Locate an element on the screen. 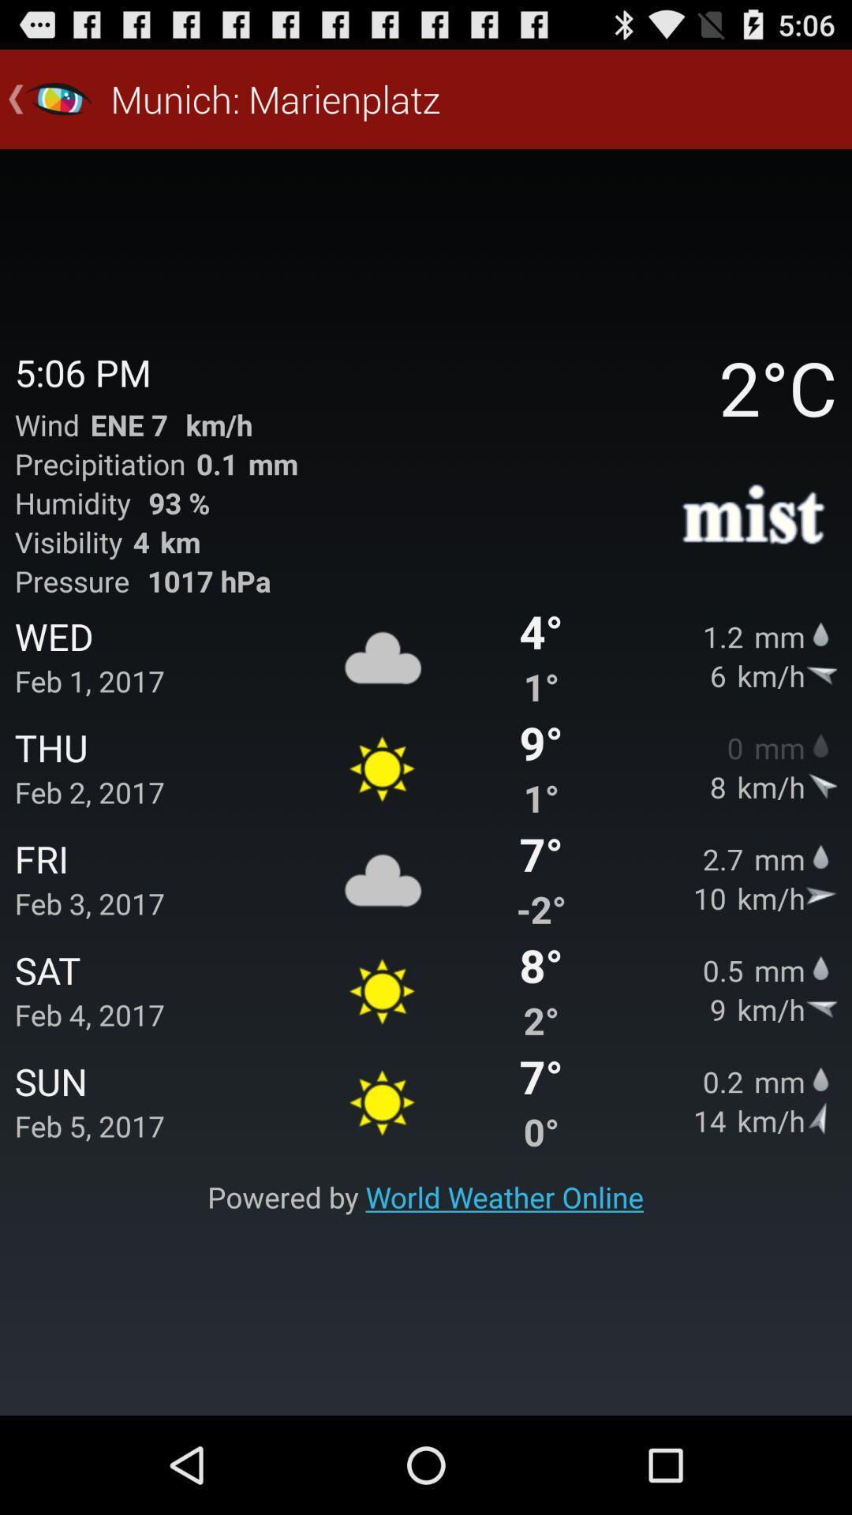 This screenshot has width=852, height=1515. the text which is above 12 mm is located at coordinates (753, 518).